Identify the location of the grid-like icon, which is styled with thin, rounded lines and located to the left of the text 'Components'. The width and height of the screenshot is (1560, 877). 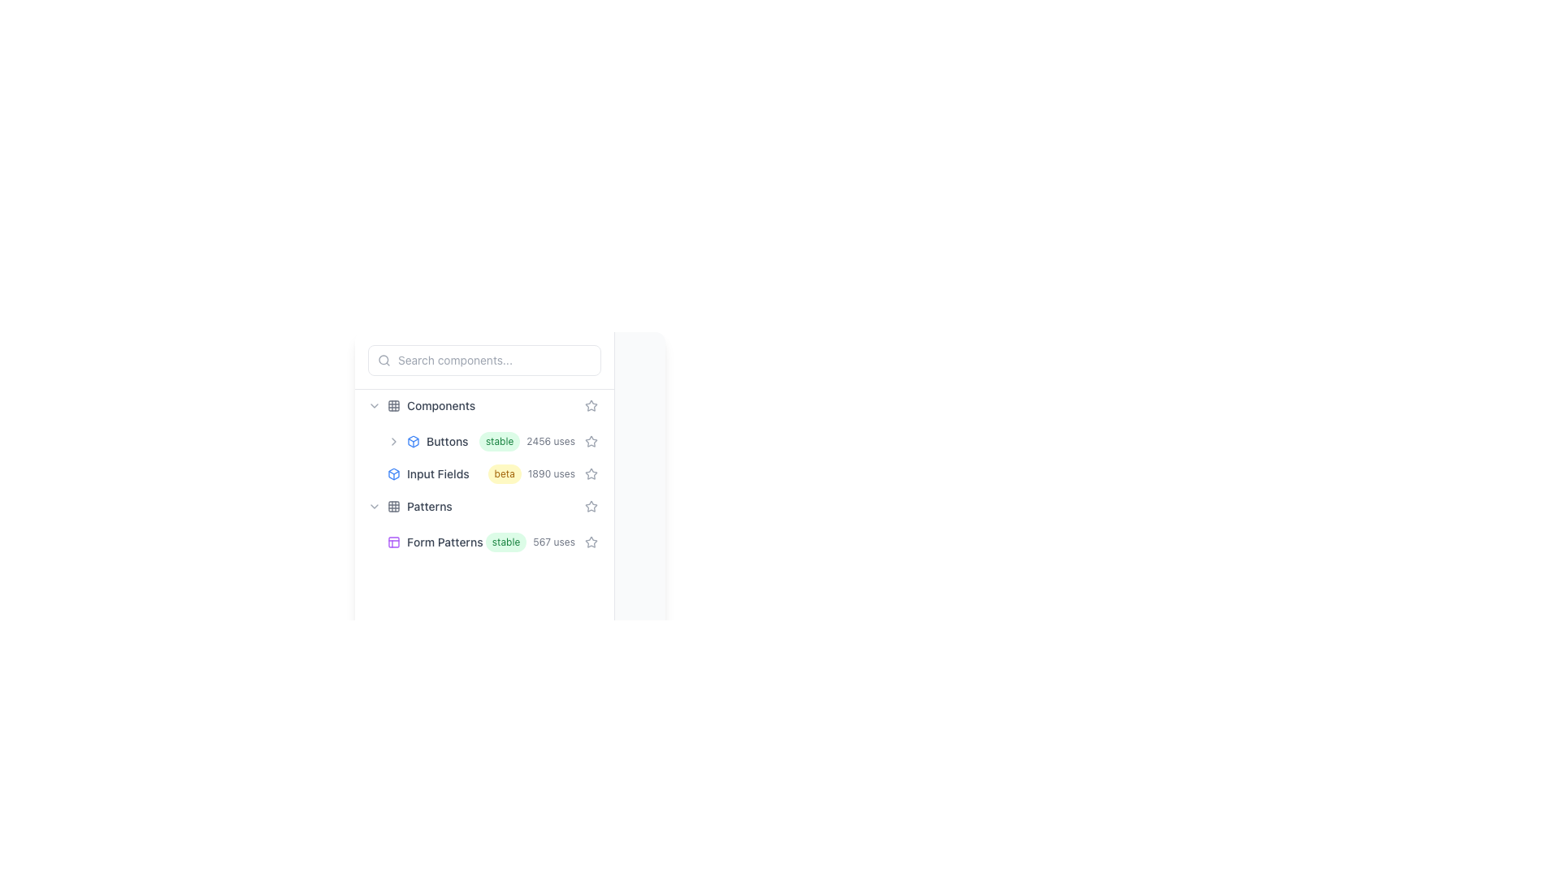
(393, 405).